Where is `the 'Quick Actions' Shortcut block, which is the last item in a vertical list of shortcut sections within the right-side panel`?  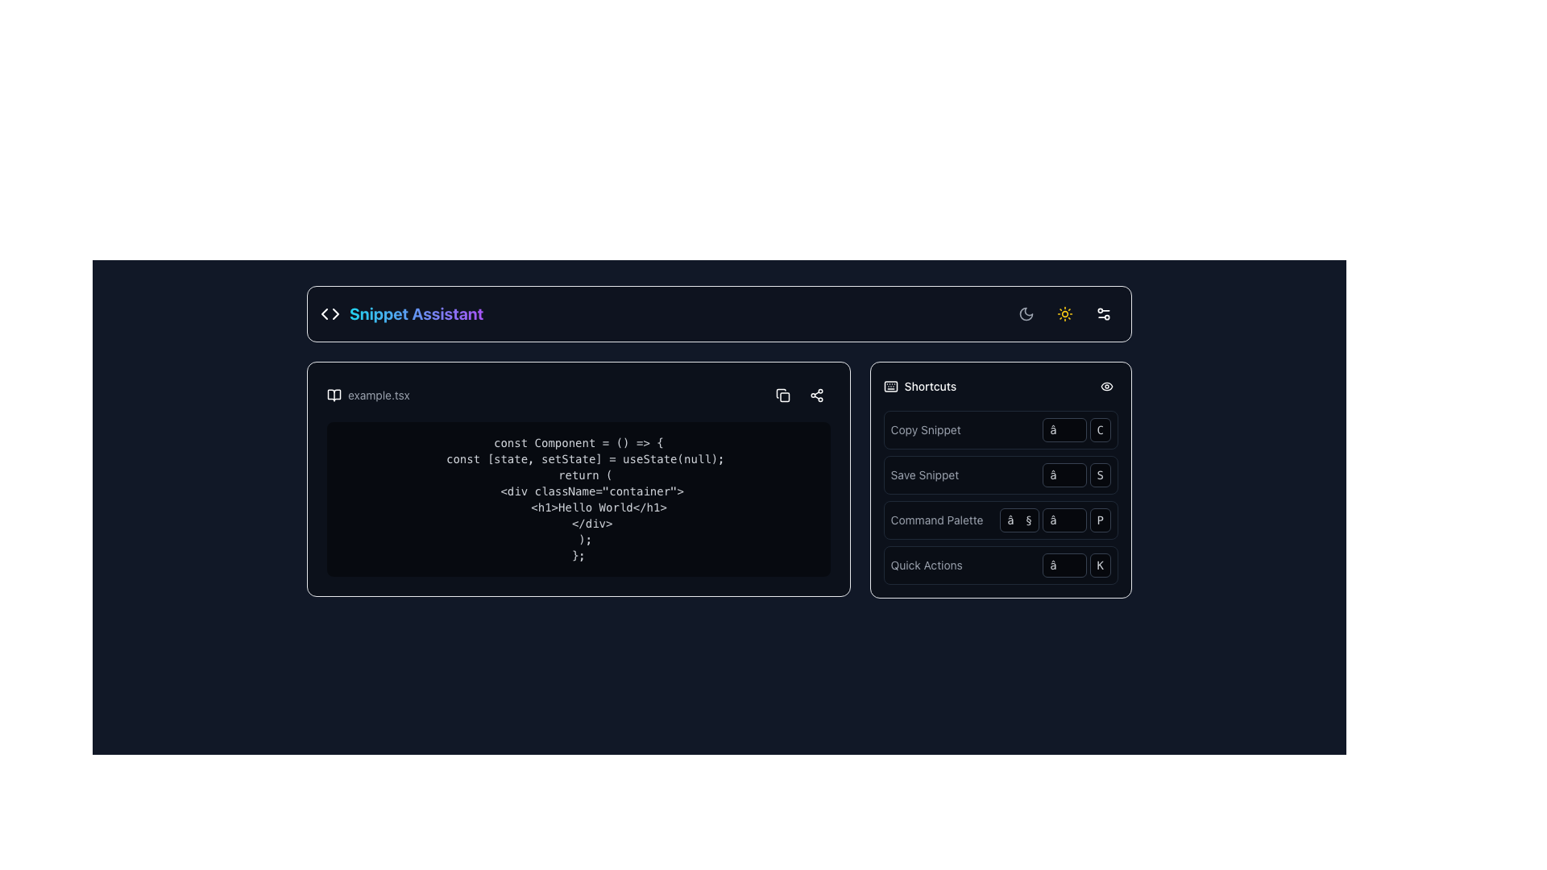
the 'Quick Actions' Shortcut block, which is the last item in a vertical list of shortcut sections within the right-side panel is located at coordinates (1000, 565).